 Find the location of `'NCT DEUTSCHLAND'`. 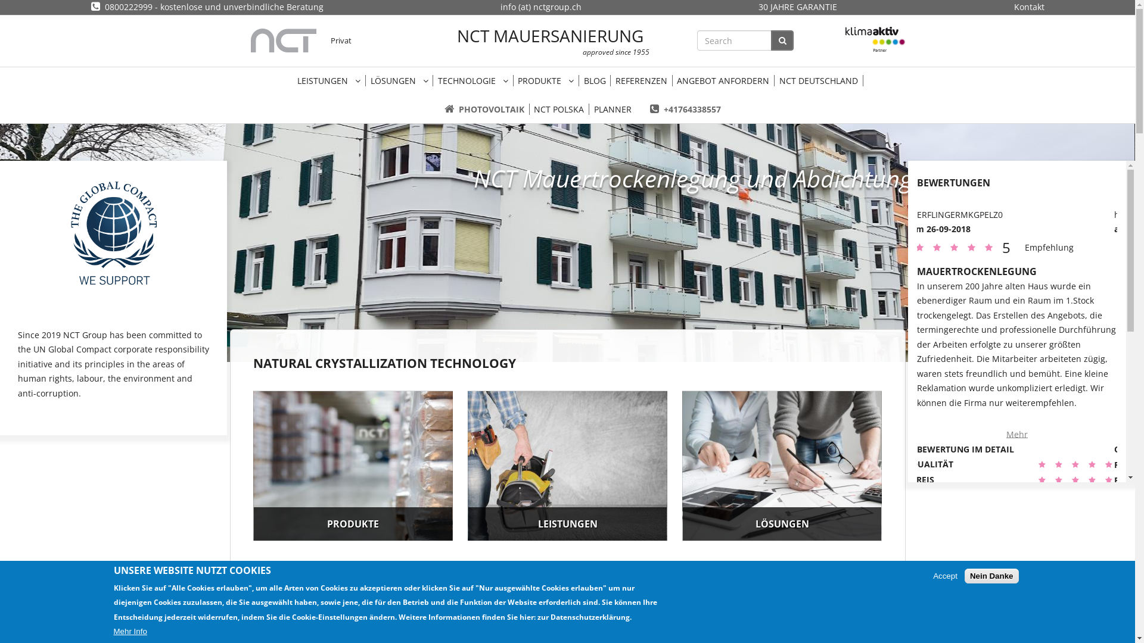

'NCT DEUTSCHLAND' is located at coordinates (817, 80).